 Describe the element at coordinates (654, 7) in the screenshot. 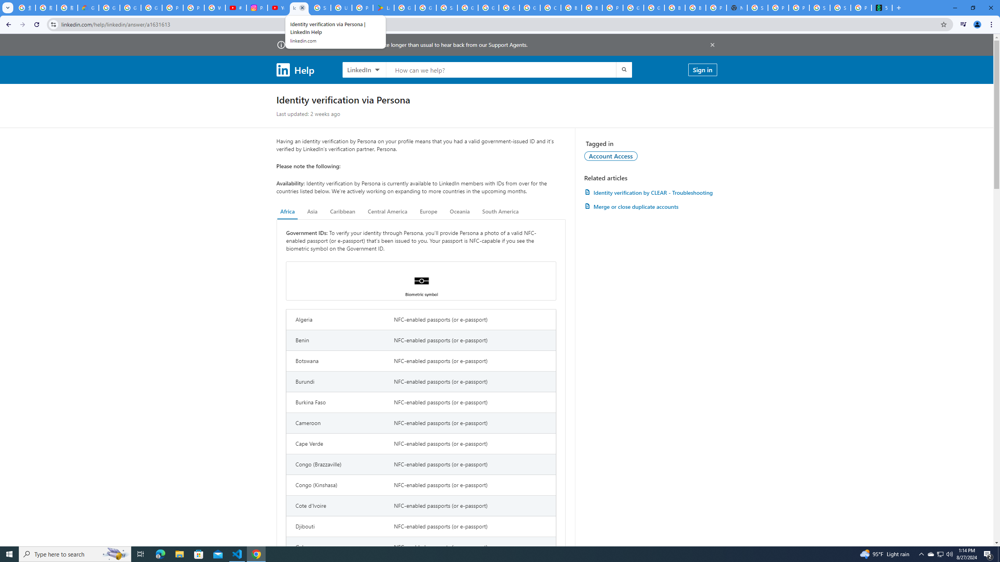

I see `'Google Cloud Platform'` at that location.